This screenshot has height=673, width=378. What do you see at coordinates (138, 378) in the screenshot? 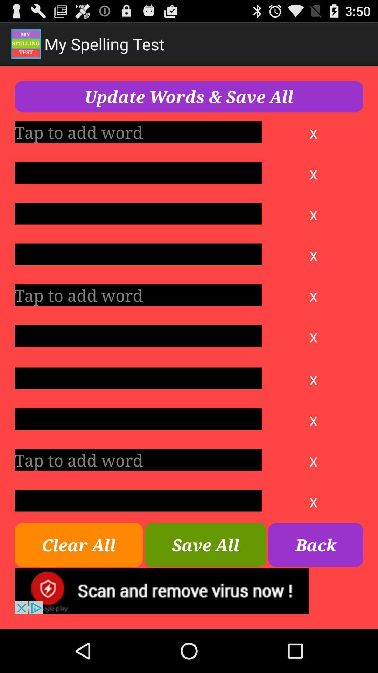
I see `search box` at bounding box center [138, 378].